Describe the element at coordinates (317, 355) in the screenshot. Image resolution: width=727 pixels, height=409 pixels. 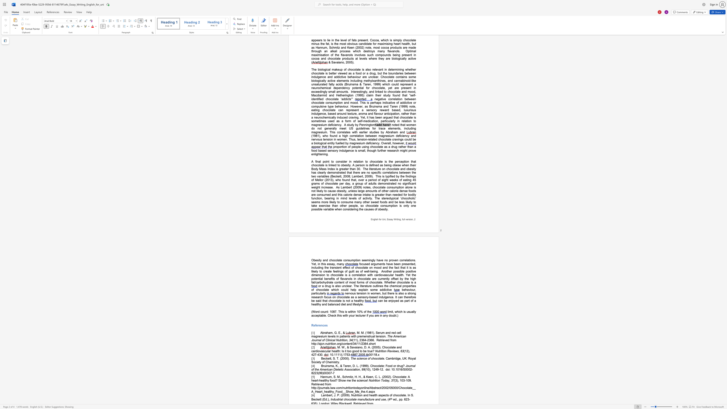
I see `the subset text "43" within the text "(12), 427-430."` at that location.